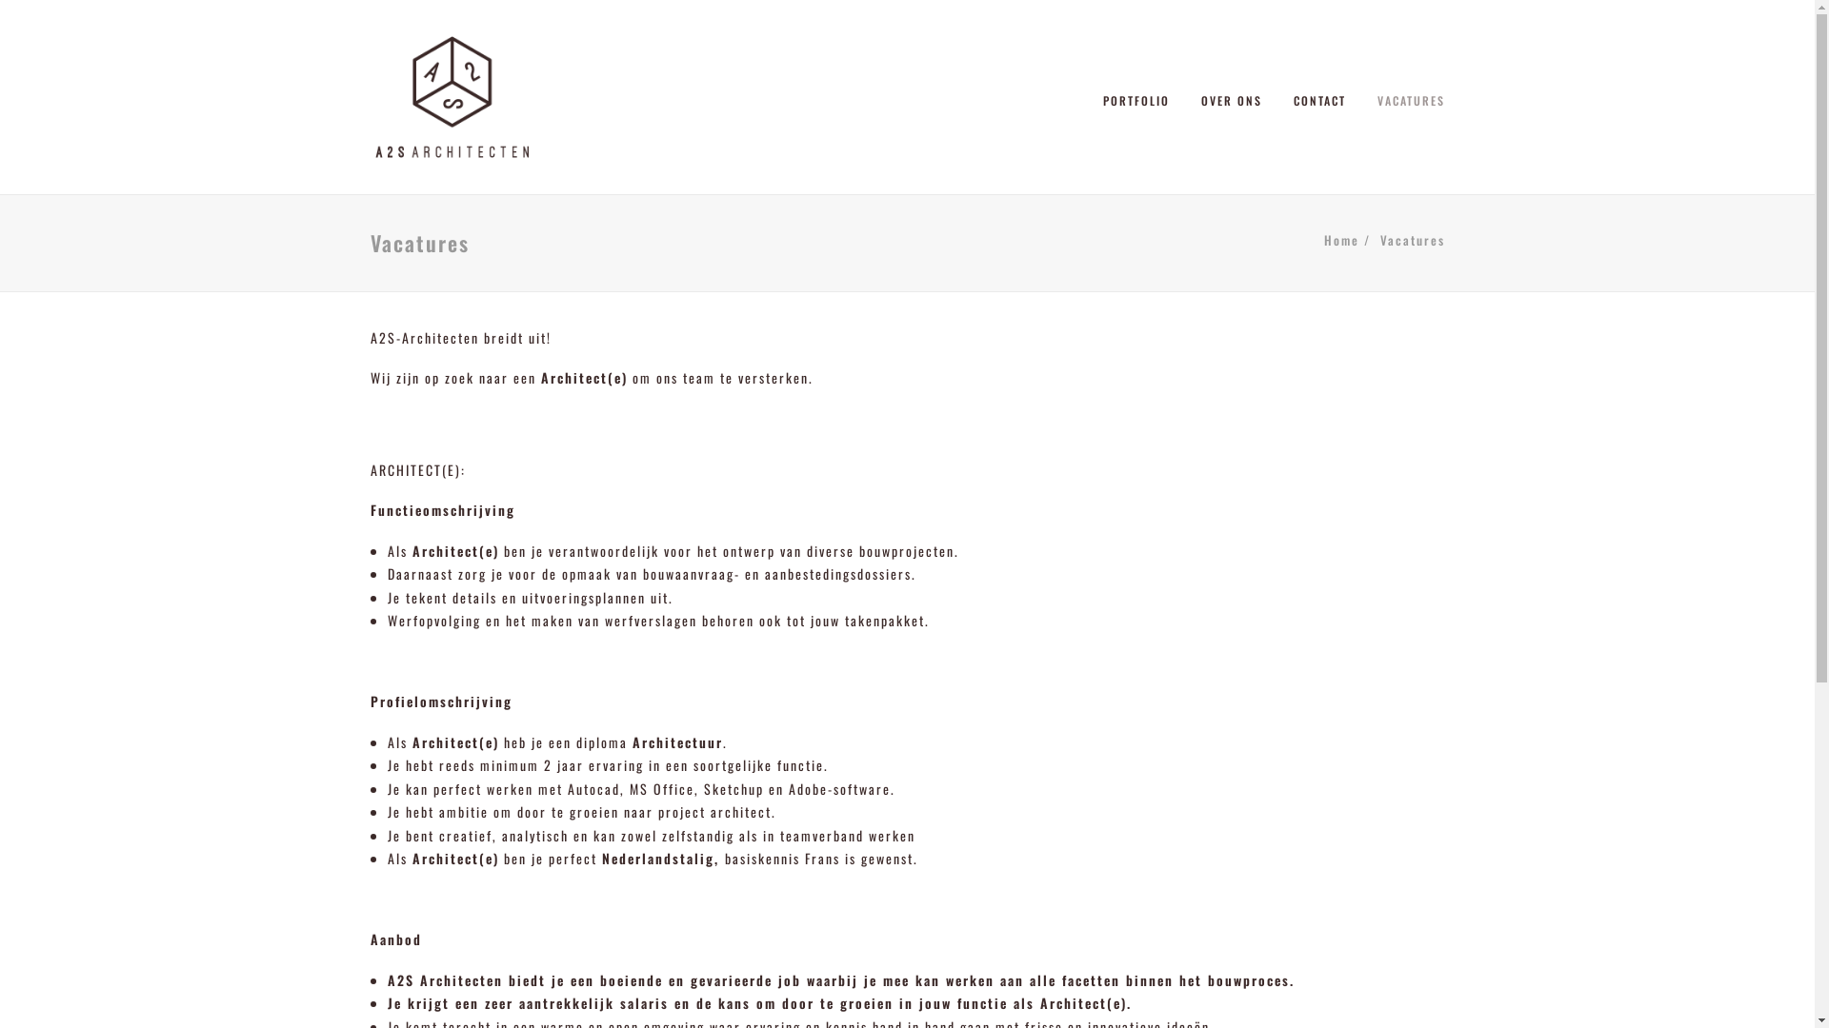 The height and width of the screenshot is (1028, 1829). Describe the element at coordinates (1230, 96) in the screenshot. I see `'OVER ONS'` at that location.